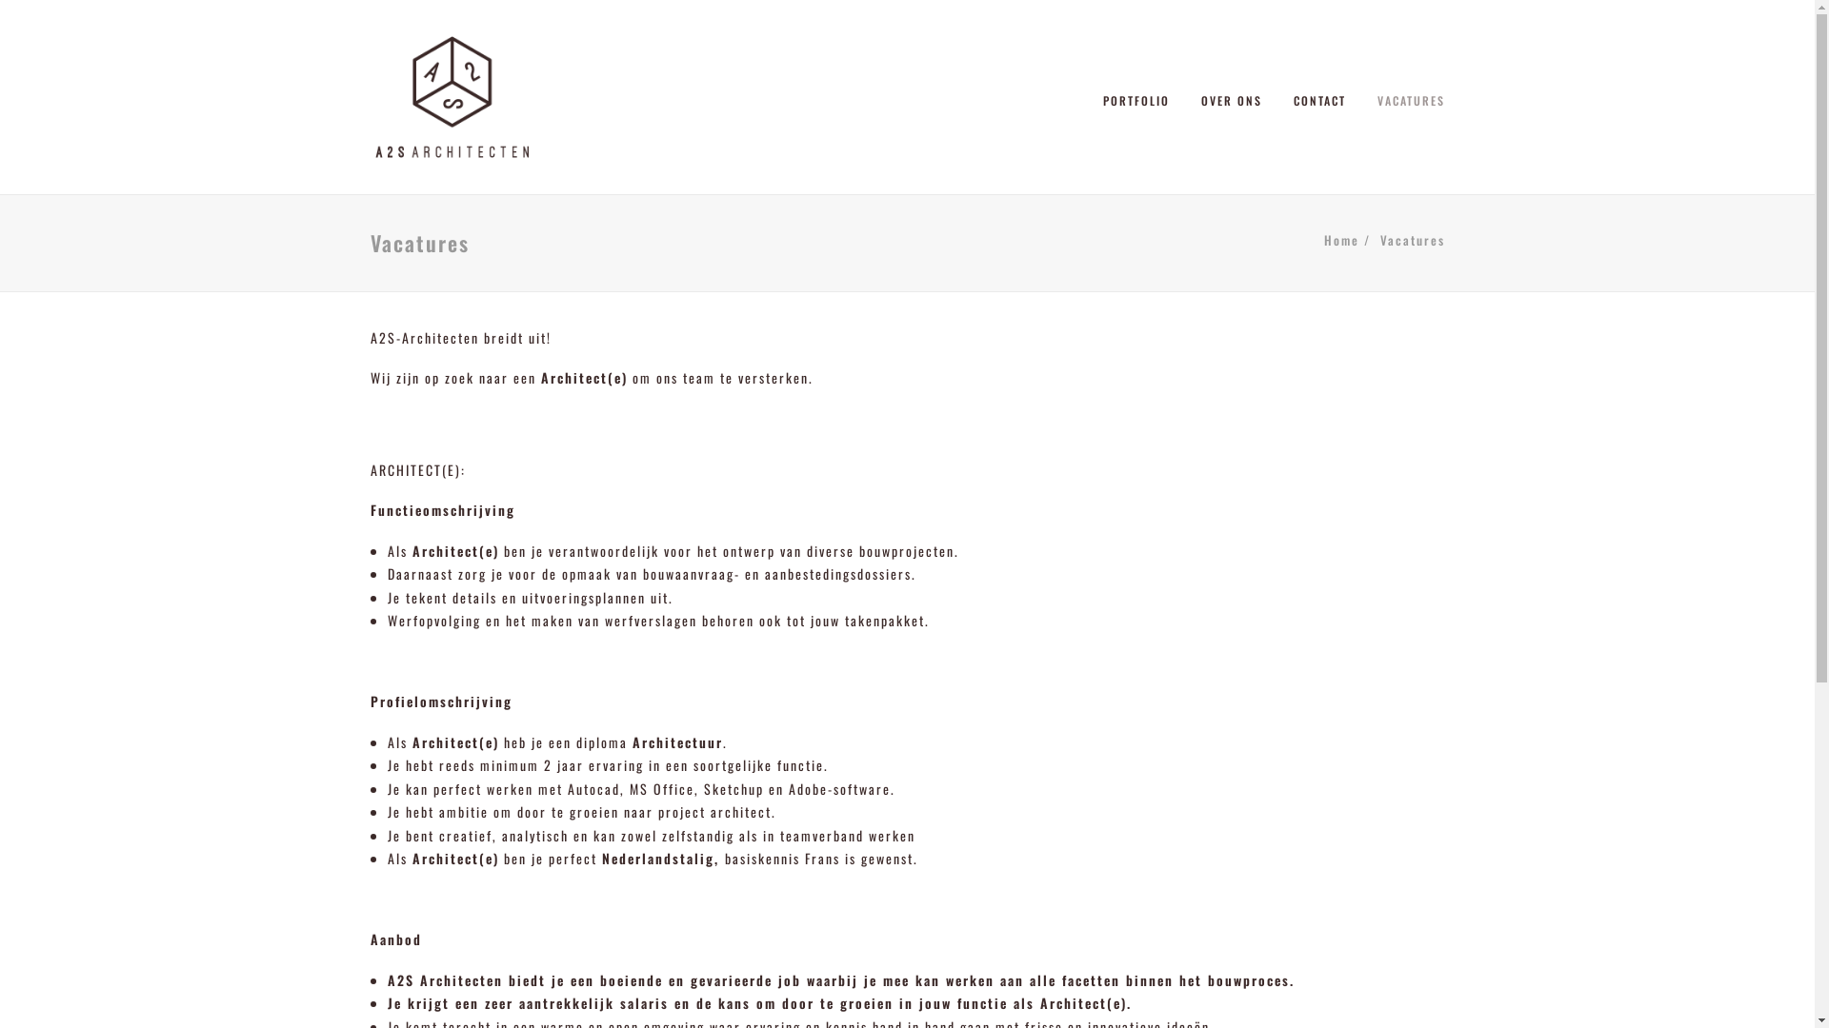 The height and width of the screenshot is (1028, 1829). Describe the element at coordinates (1230, 96) in the screenshot. I see `'OVER ONS'` at that location.